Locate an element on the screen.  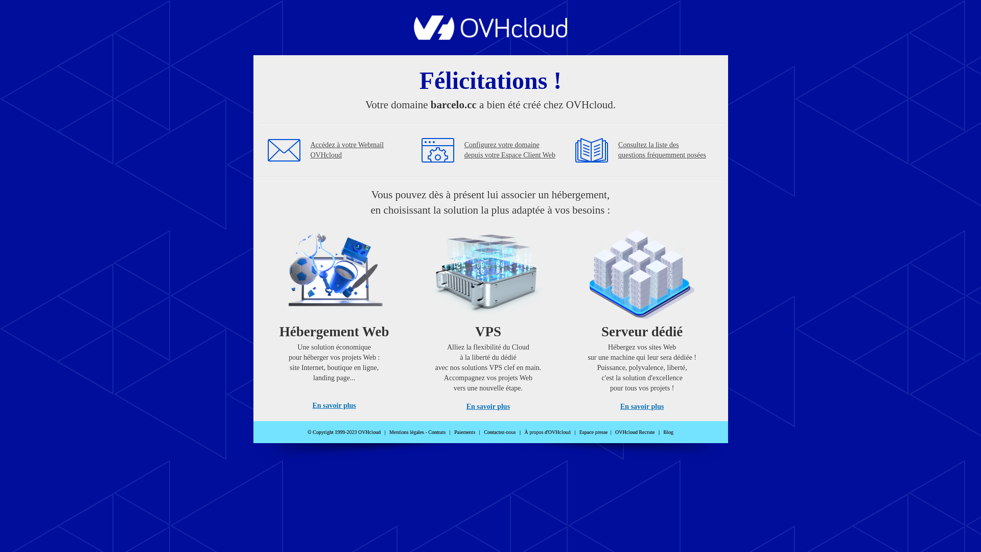
'OVHcloud' is located at coordinates (491, 36).